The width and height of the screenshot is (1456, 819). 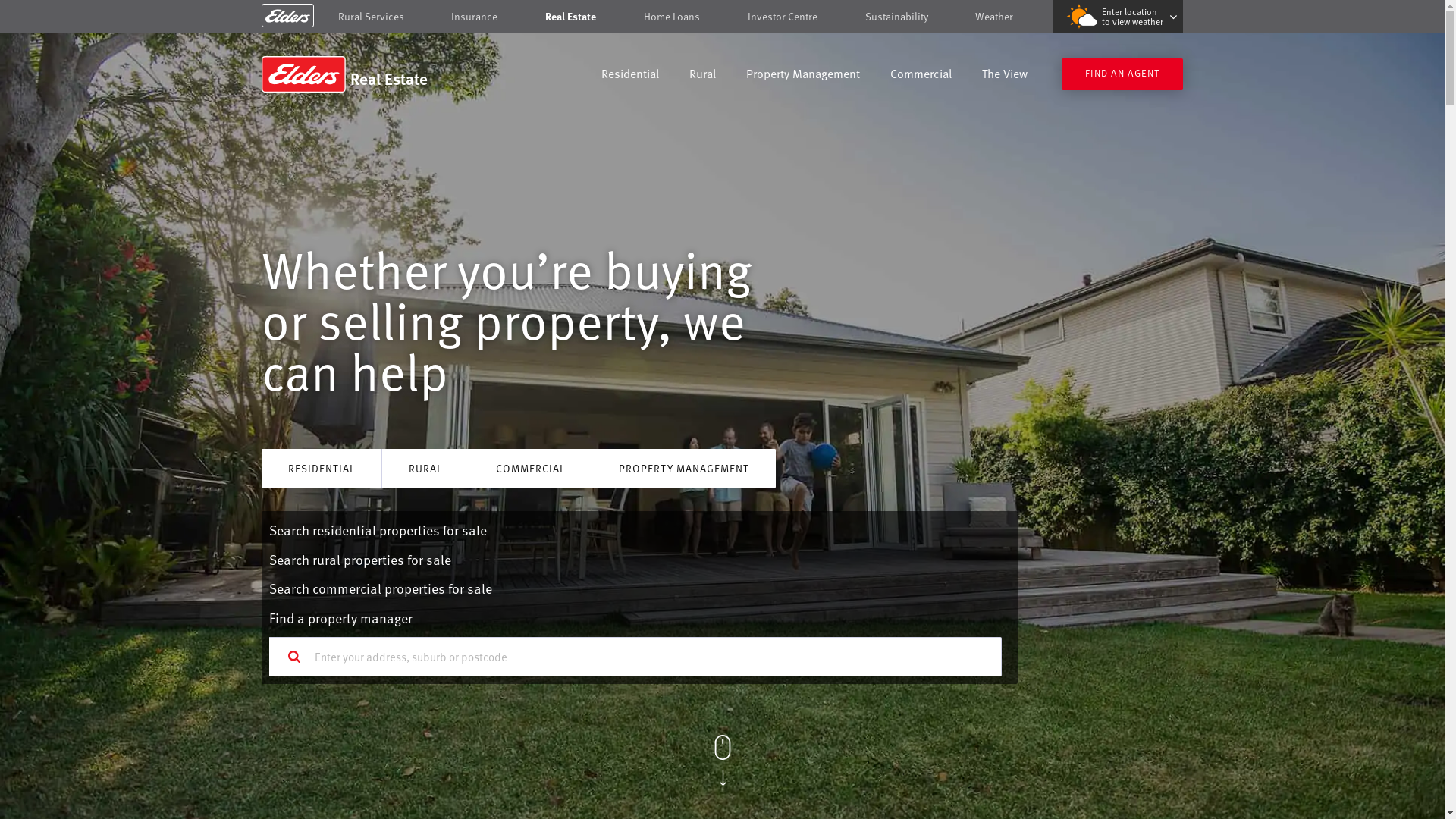 What do you see at coordinates (783, 16) in the screenshot?
I see `'Investor Centre'` at bounding box center [783, 16].